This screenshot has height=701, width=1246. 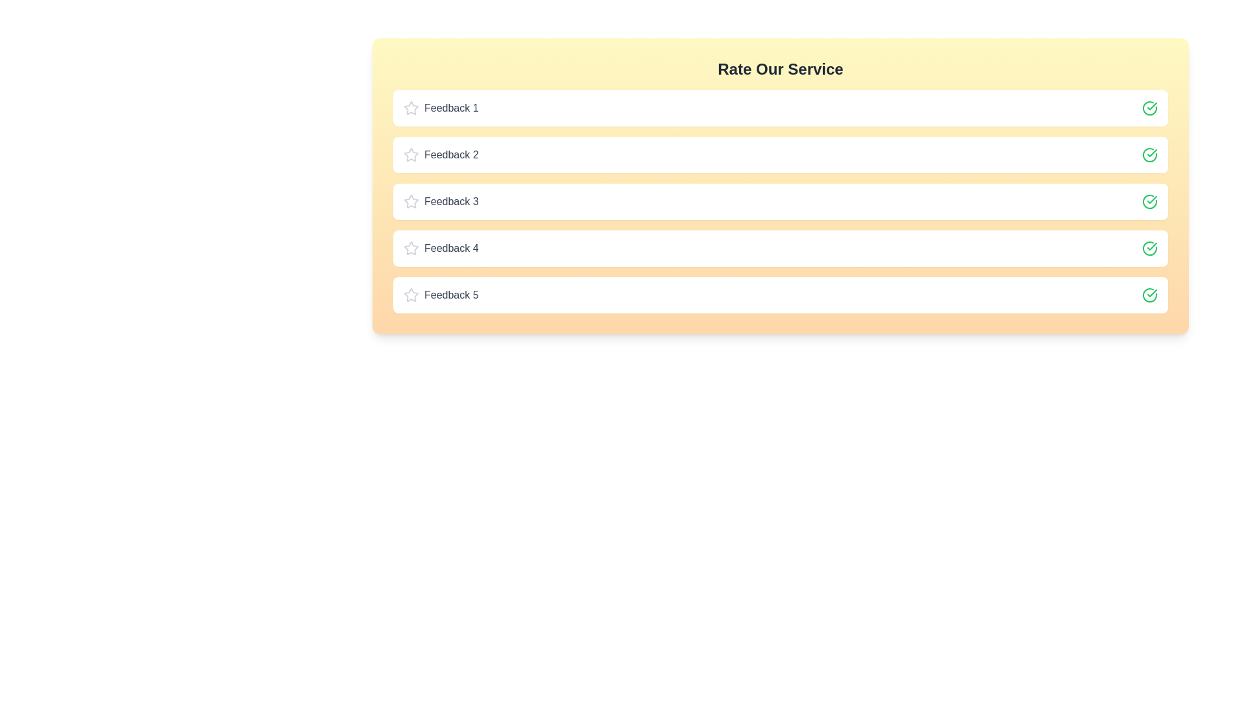 What do you see at coordinates (1149, 248) in the screenshot?
I see `the check icon for feedback 4 to toggle its rating` at bounding box center [1149, 248].